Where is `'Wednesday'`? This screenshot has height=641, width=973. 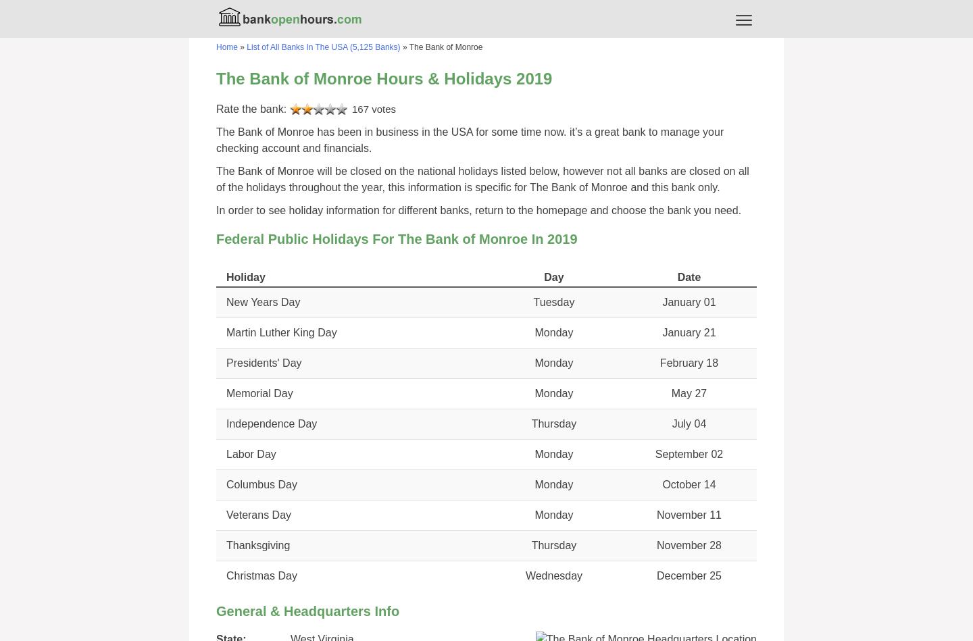 'Wednesday' is located at coordinates (553, 575).